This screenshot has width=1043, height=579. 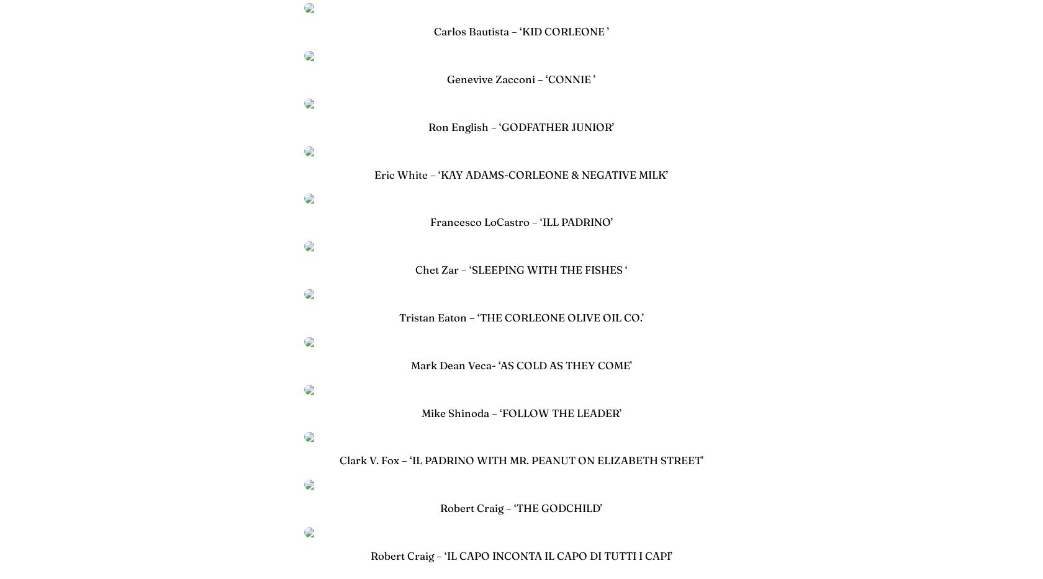 I want to click on 'Chet Zar – ‘SLEEPING WITH THE FISHES ‘', so click(x=521, y=269).